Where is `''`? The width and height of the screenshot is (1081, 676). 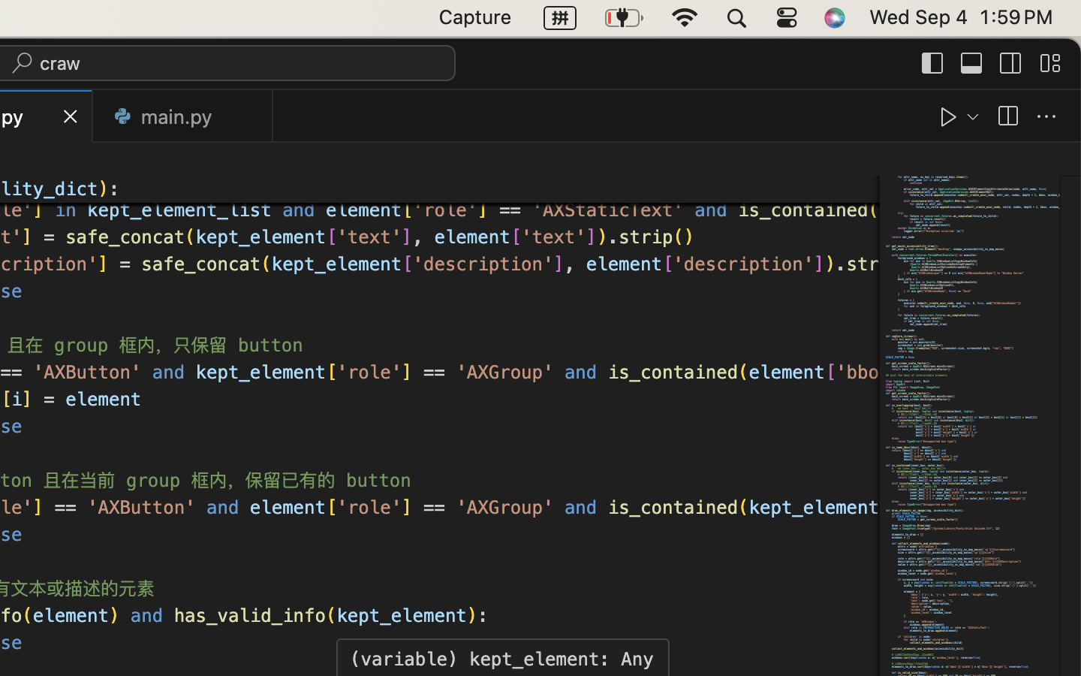 '' is located at coordinates (1010, 62).